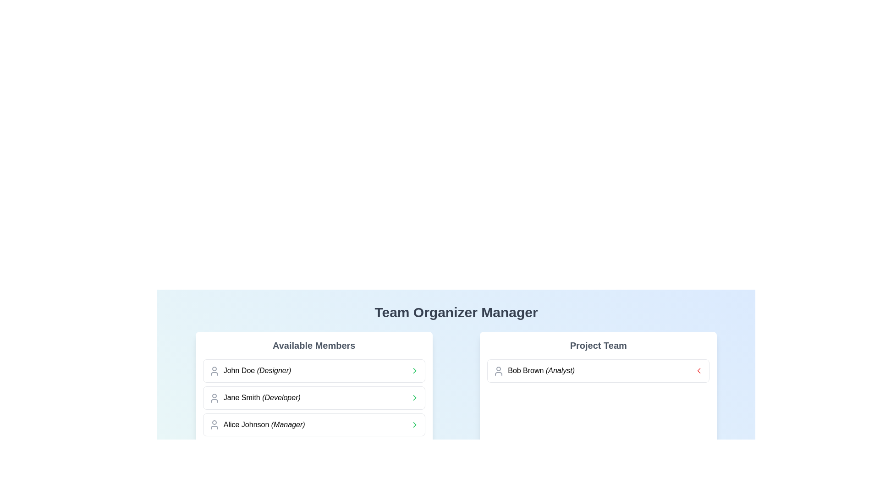 The width and height of the screenshot is (880, 495). What do you see at coordinates (214, 425) in the screenshot?
I see `the user avatar icon for 'Alice Johnson' located in the third row of the 'Available Members' list, positioned at the leftmost part of the row` at bounding box center [214, 425].